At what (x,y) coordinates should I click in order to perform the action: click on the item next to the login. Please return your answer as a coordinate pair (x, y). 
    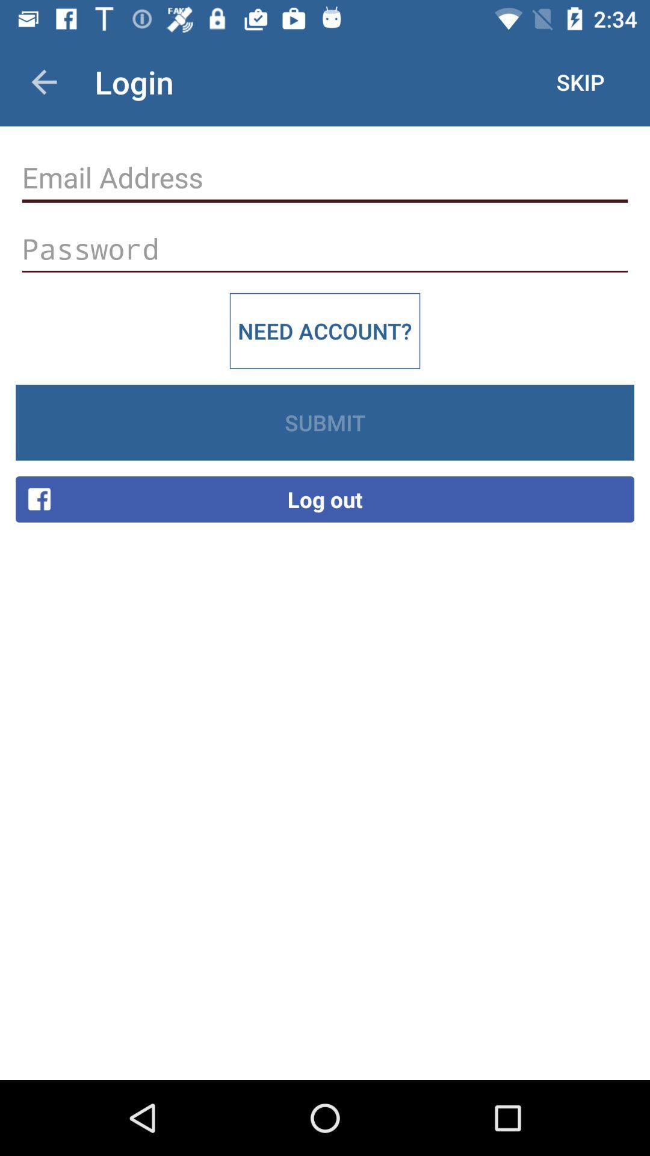
    Looking at the image, I should click on (580, 81).